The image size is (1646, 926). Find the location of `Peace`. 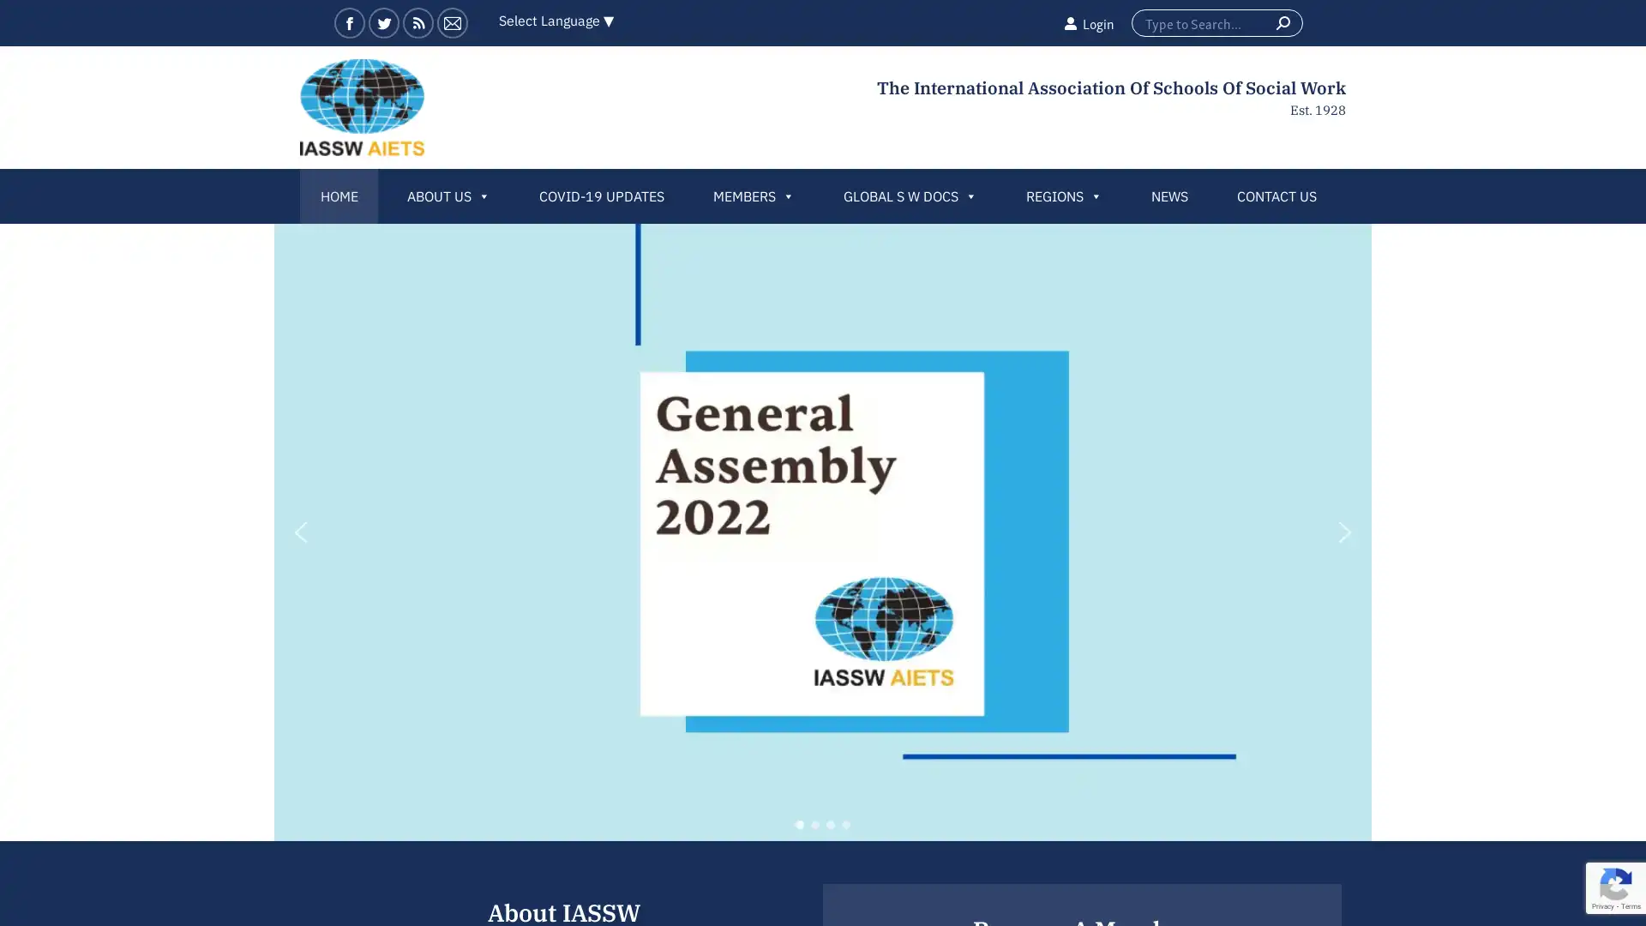

Peace is located at coordinates (846, 823).